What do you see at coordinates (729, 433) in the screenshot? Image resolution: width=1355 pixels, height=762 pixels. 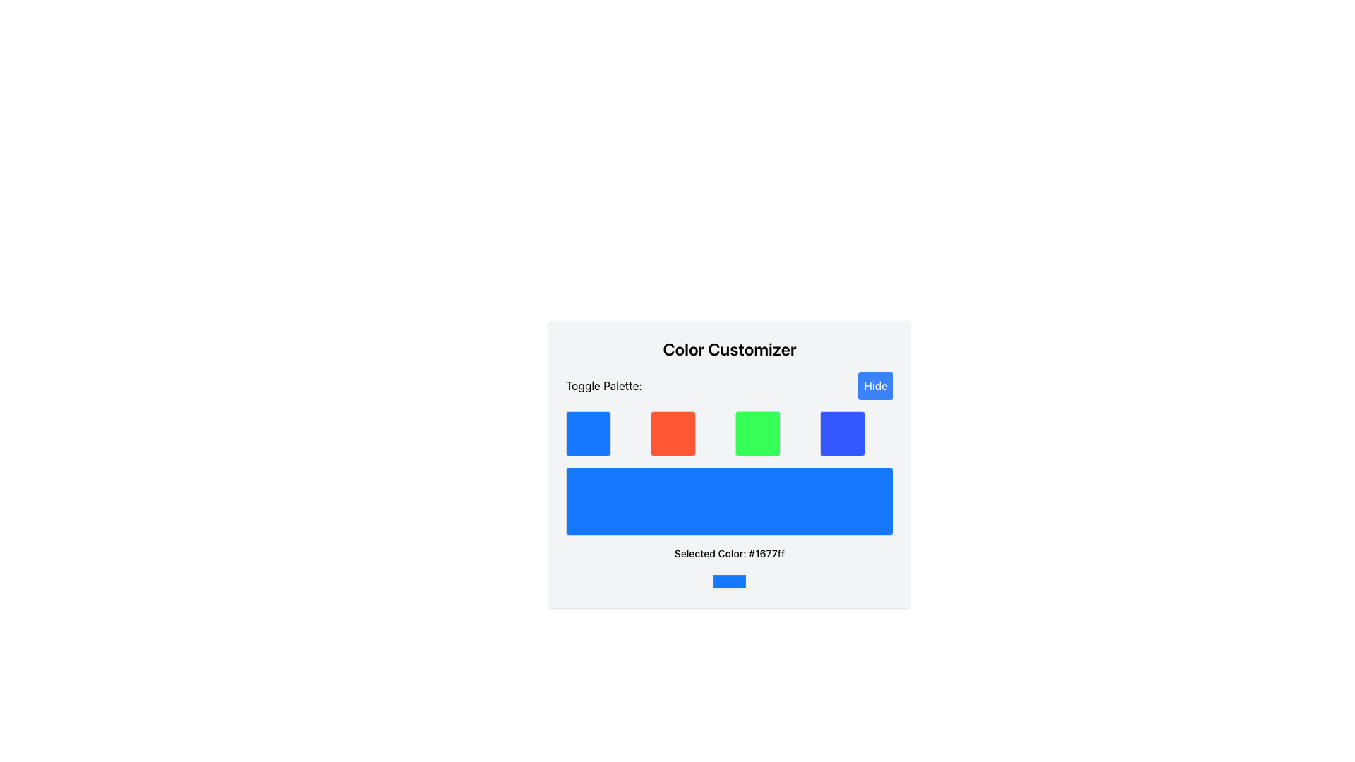 I see `one of the color swatches in the grid containing square-shaped color swatches` at bounding box center [729, 433].